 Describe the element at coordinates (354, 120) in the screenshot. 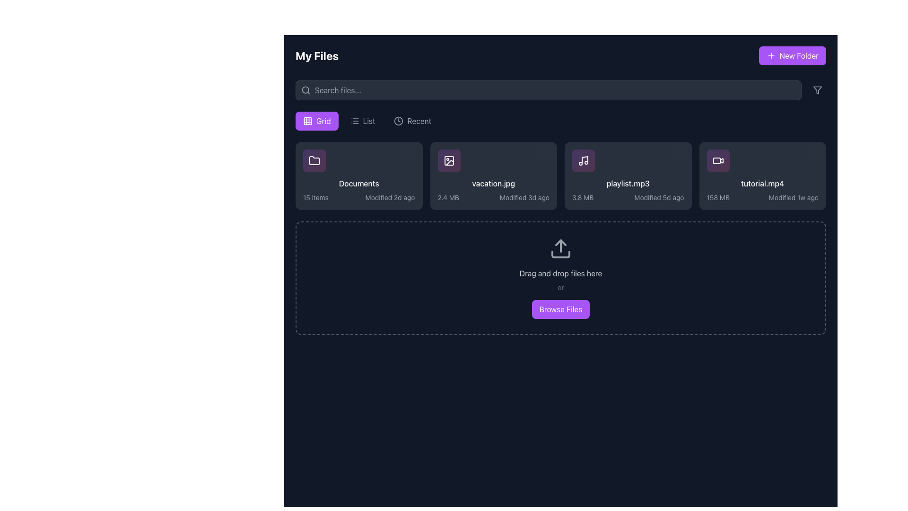

I see `the Icon button representing a list layout, which is located between the 'Grid' button and the 'Recent' button in the navigation bar` at that location.